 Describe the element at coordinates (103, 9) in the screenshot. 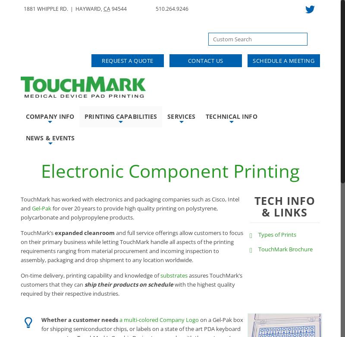

I see `'CA'` at that location.